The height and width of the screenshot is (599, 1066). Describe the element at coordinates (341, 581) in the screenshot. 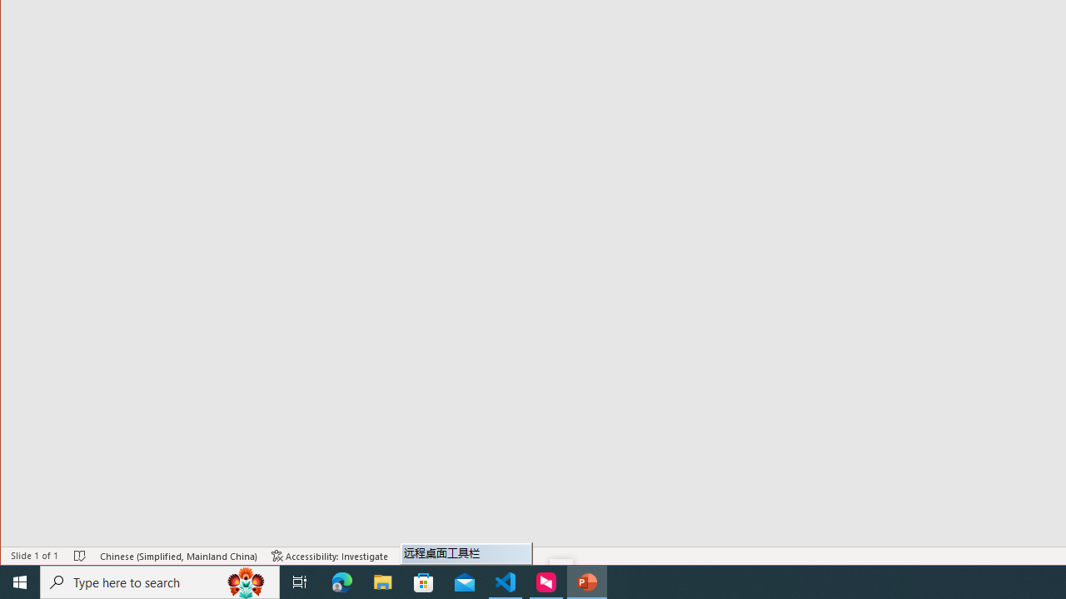

I see `'Microsoft Edge'` at that location.